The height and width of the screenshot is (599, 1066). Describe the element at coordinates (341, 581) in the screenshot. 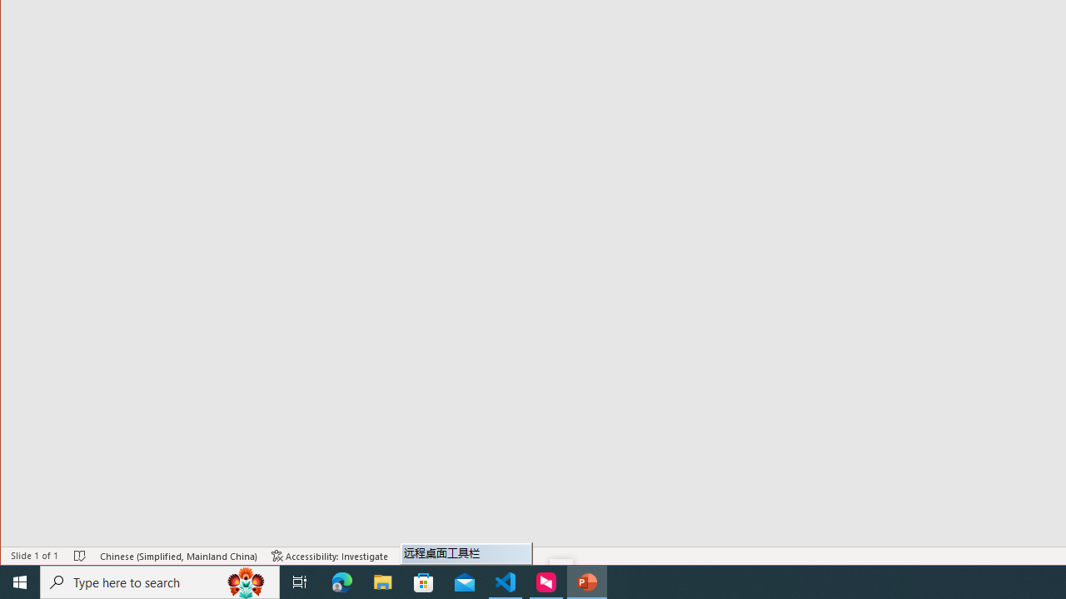

I see `'Microsoft Edge'` at that location.